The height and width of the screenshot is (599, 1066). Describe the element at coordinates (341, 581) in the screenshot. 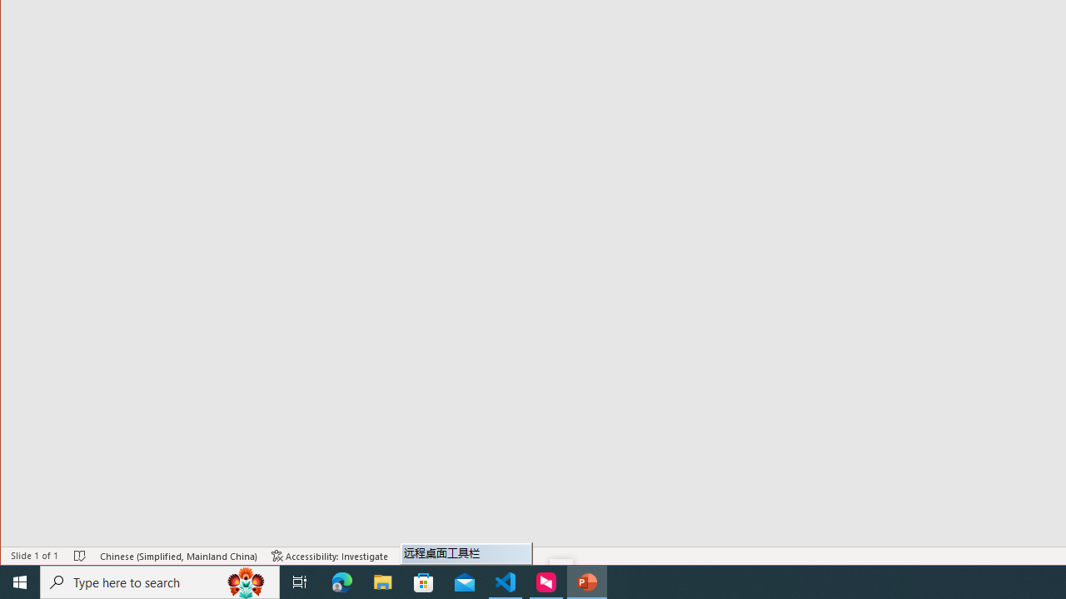

I see `'Microsoft Edge'` at that location.